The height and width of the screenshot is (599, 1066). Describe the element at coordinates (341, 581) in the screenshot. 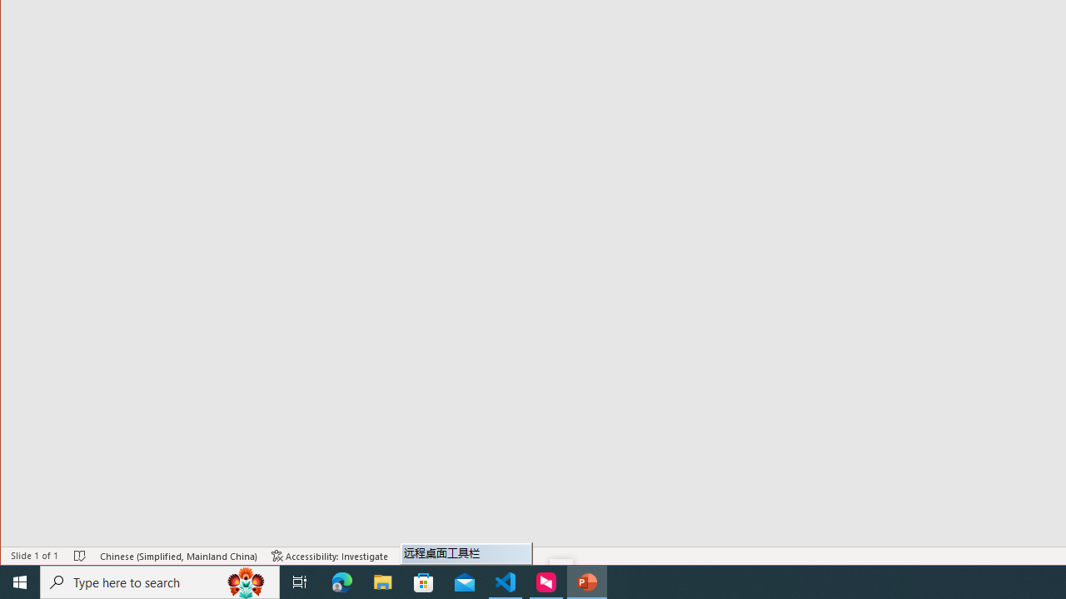

I see `'Microsoft Edge'` at that location.